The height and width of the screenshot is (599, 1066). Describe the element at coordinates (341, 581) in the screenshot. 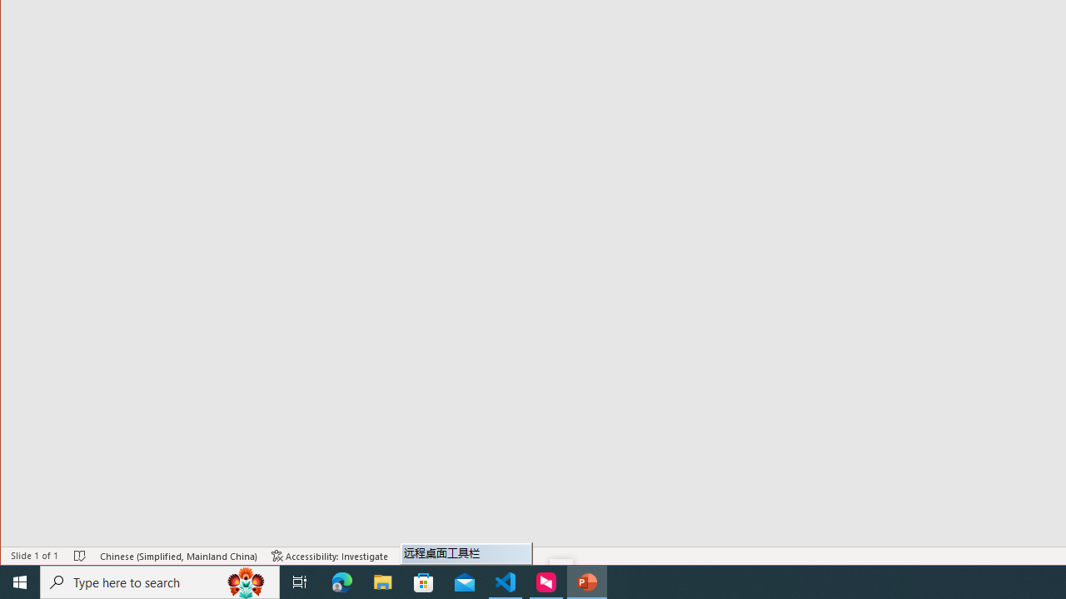

I see `'Microsoft Edge'` at that location.